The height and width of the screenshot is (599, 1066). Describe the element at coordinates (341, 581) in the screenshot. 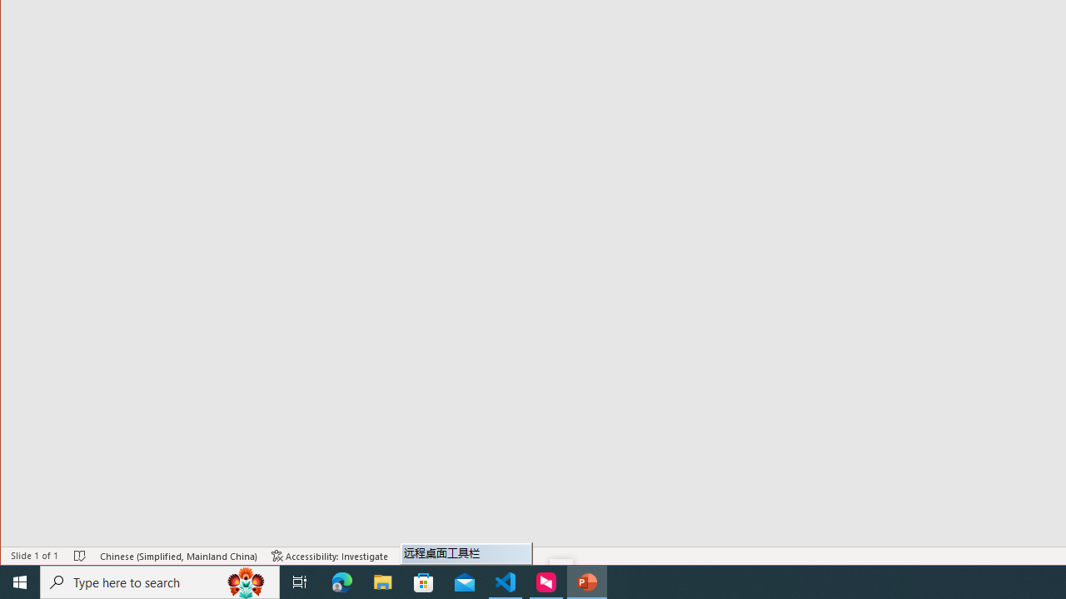

I see `'Microsoft Edge'` at that location.